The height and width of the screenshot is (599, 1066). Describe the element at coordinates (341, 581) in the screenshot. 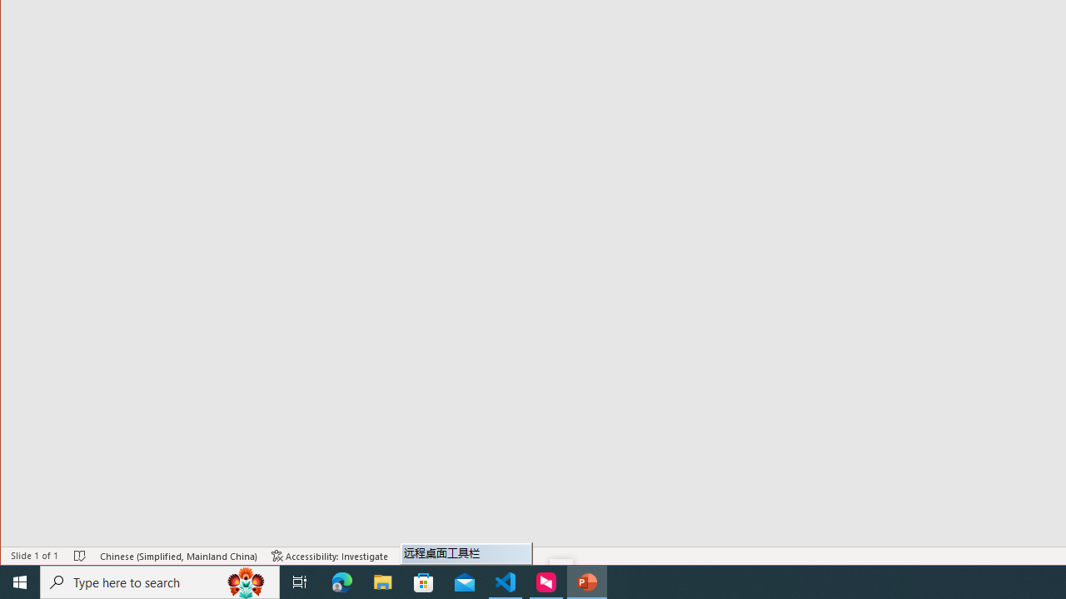

I see `'Microsoft Edge'` at that location.